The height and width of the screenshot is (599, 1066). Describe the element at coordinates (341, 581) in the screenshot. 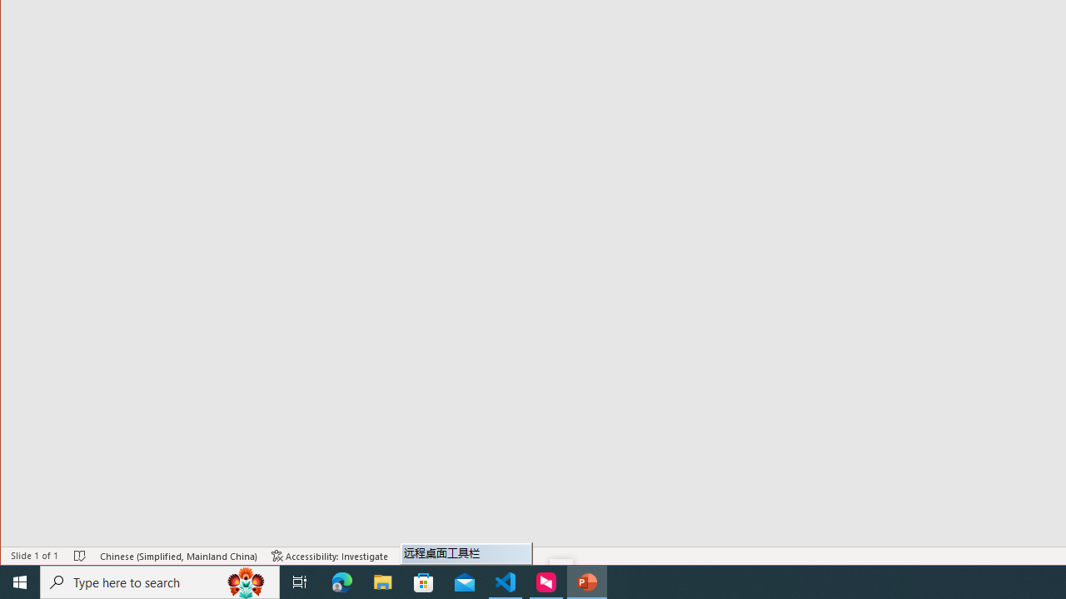

I see `'Microsoft Edge'` at that location.